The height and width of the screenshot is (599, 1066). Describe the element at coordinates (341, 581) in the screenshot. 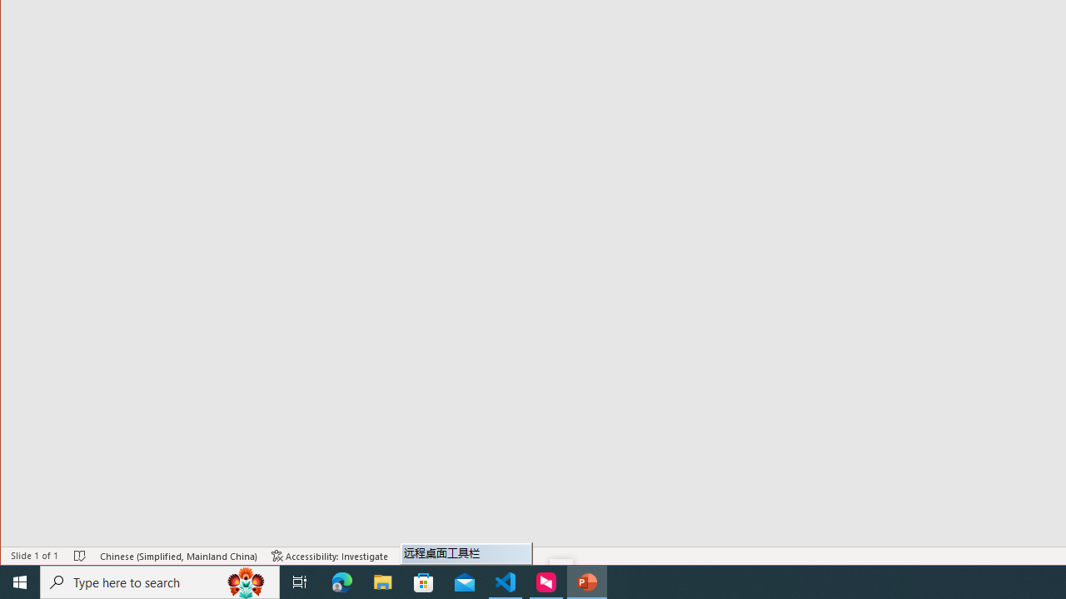

I see `'Microsoft Edge'` at that location.